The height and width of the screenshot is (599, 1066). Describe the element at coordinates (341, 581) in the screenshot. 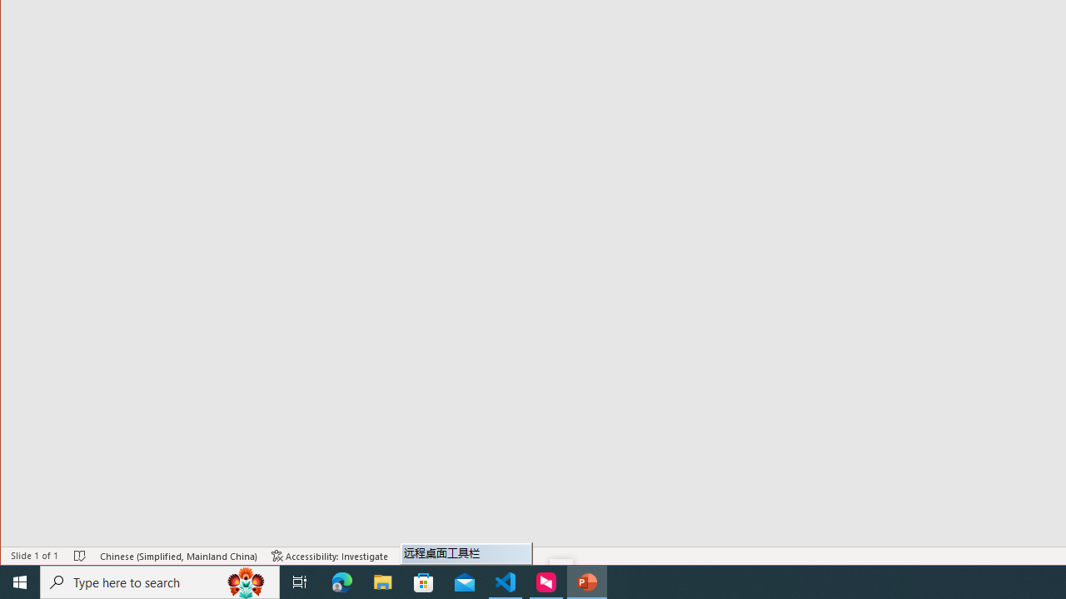

I see `'Microsoft Edge'` at that location.